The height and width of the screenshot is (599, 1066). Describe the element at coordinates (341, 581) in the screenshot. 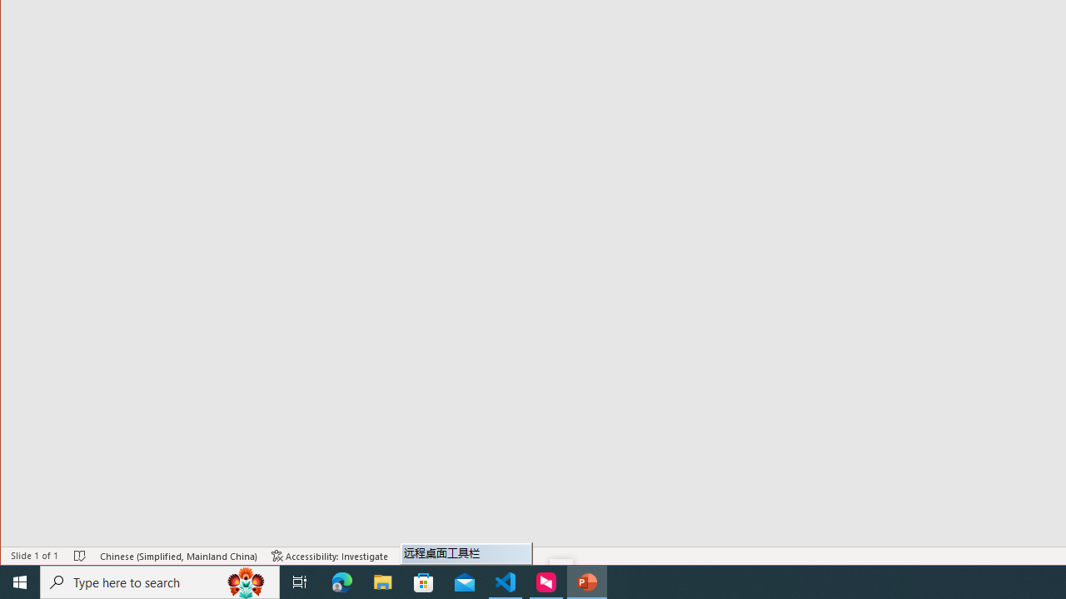

I see `'Microsoft Edge'` at that location.